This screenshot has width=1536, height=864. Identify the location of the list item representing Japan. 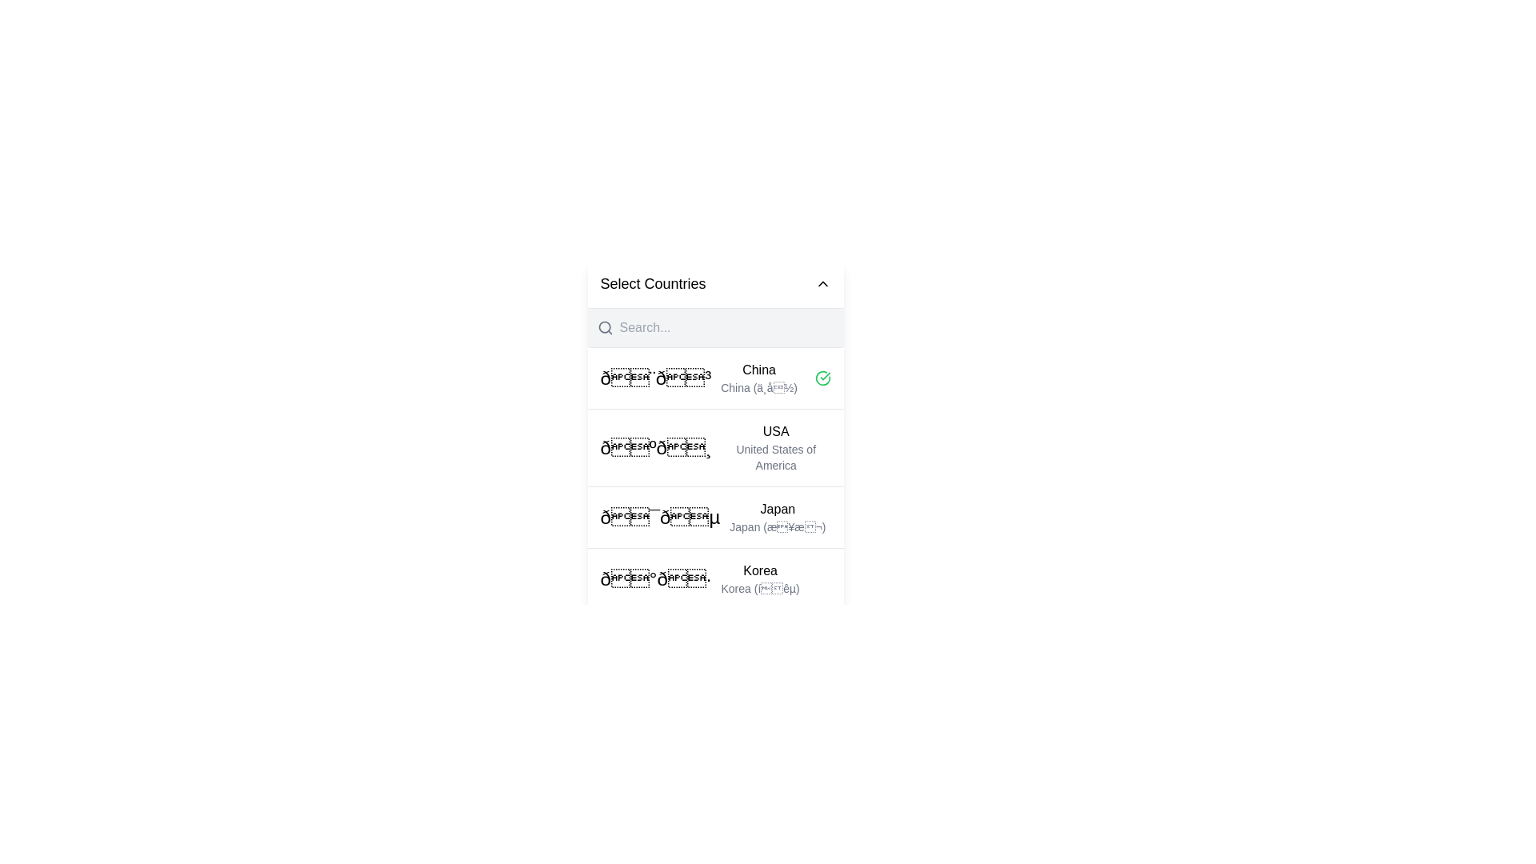
(714, 517).